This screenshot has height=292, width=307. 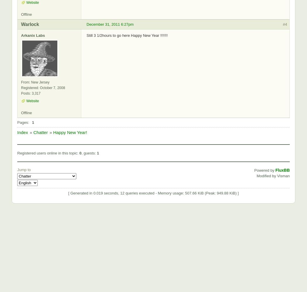 I want to click on '#4', so click(x=284, y=24).